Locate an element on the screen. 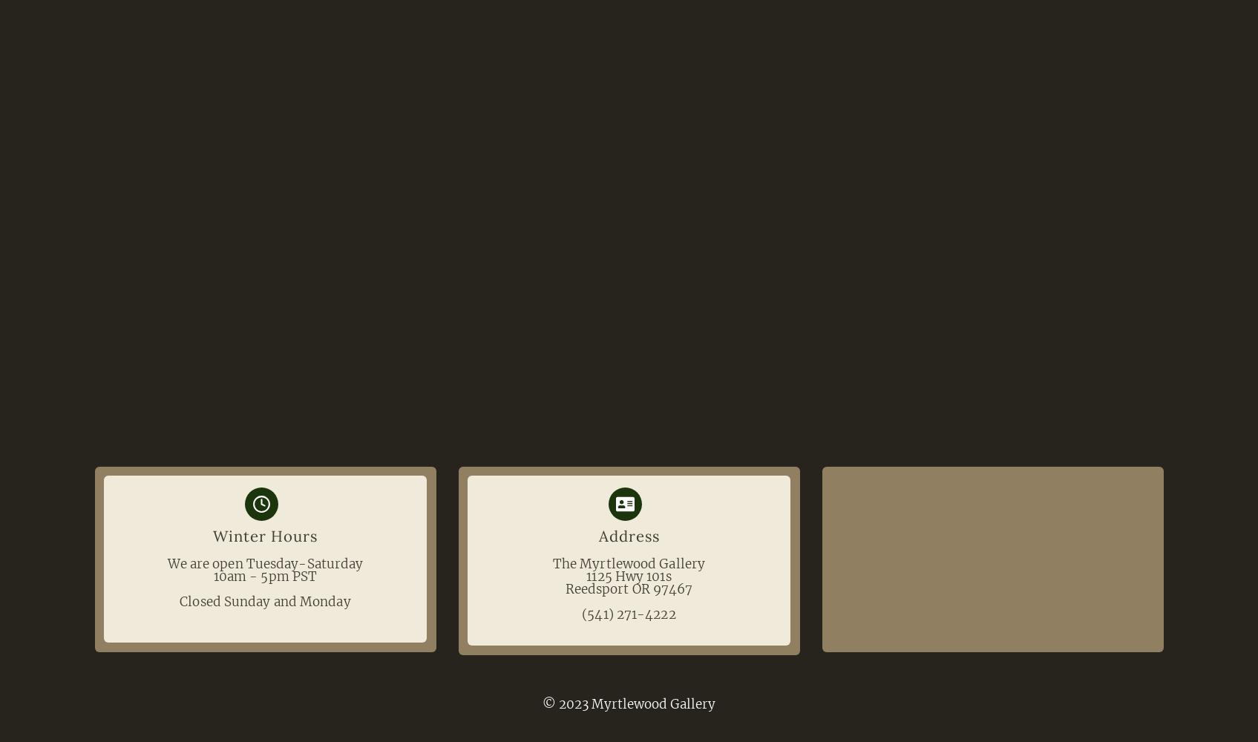 This screenshot has width=1258, height=742. '© 2023 Myrtlewood Gallery' is located at coordinates (629, 703).